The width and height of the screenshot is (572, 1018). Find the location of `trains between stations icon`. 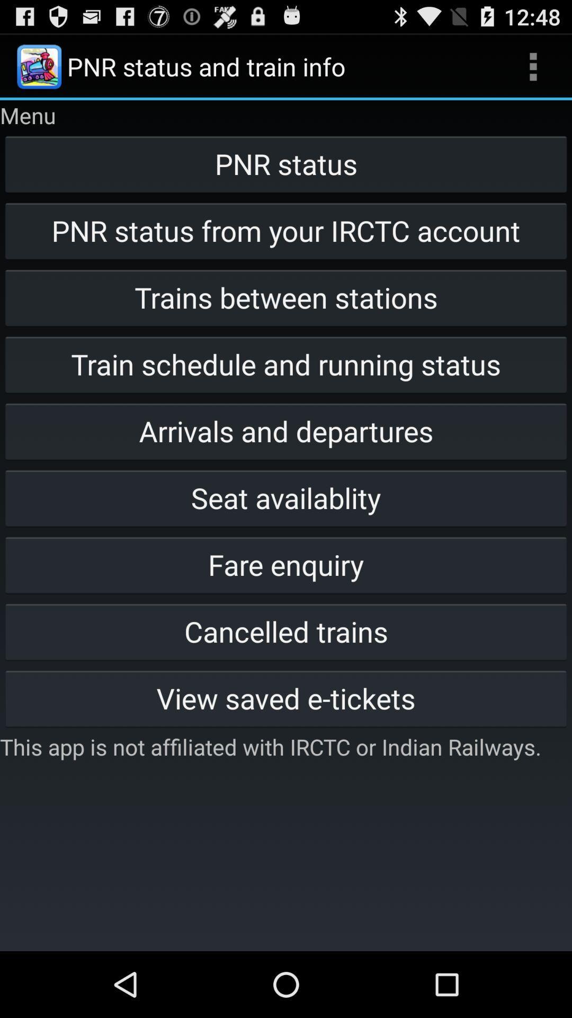

trains between stations icon is located at coordinates (286, 297).